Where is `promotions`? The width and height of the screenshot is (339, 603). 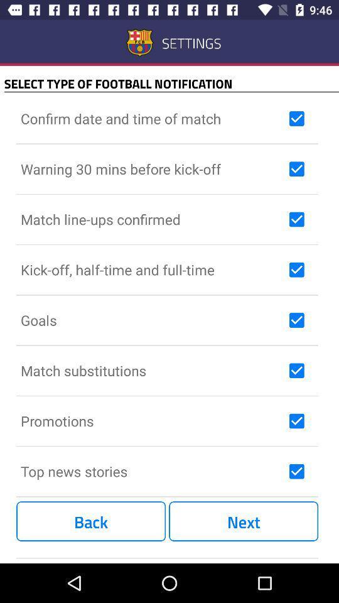
promotions is located at coordinates (296, 421).